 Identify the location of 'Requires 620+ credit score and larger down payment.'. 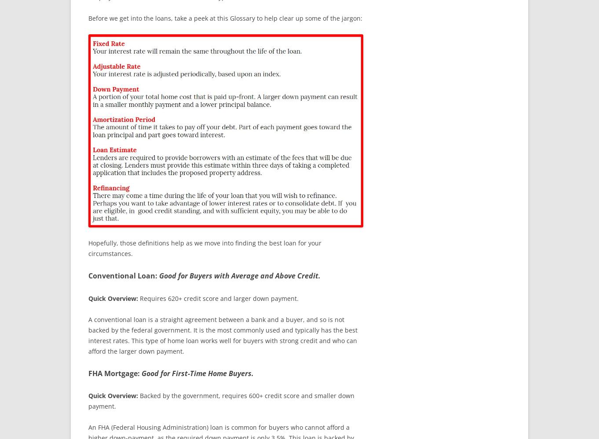
(138, 297).